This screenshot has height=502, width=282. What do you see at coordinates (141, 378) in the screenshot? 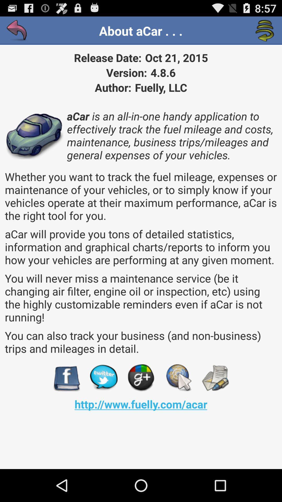
I see `visit on g+` at bounding box center [141, 378].